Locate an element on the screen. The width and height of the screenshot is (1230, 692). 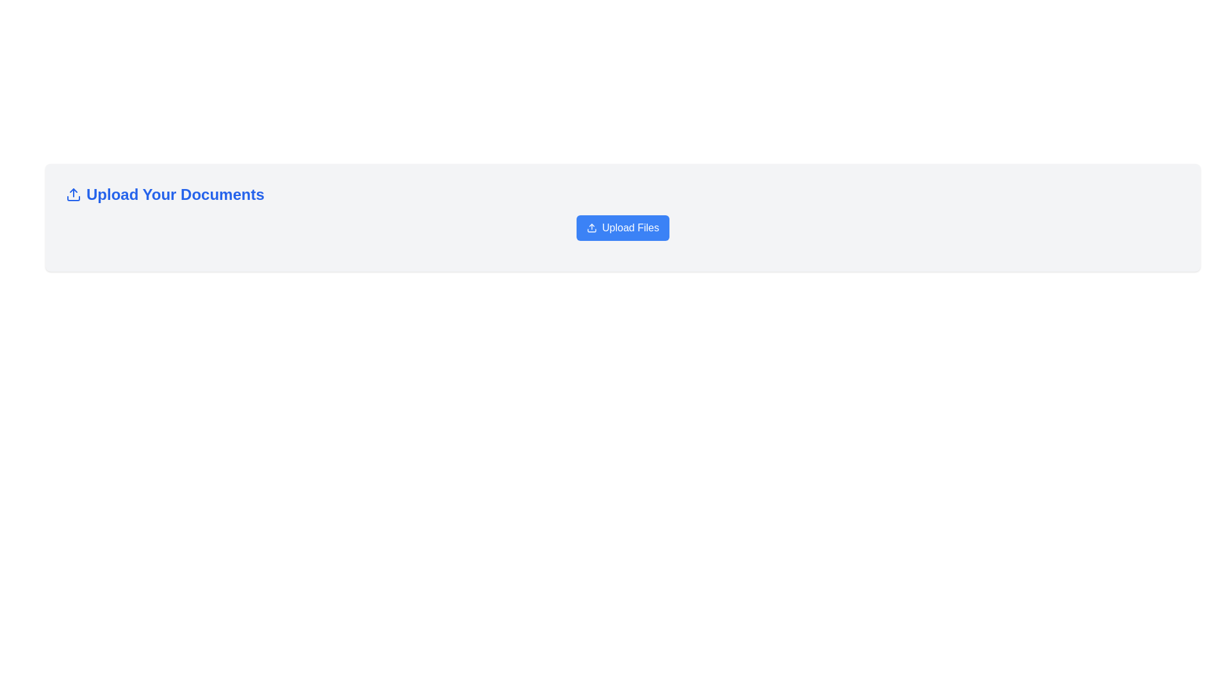
the 'Upload Files' button with a blue background and white text is located at coordinates (623, 233).